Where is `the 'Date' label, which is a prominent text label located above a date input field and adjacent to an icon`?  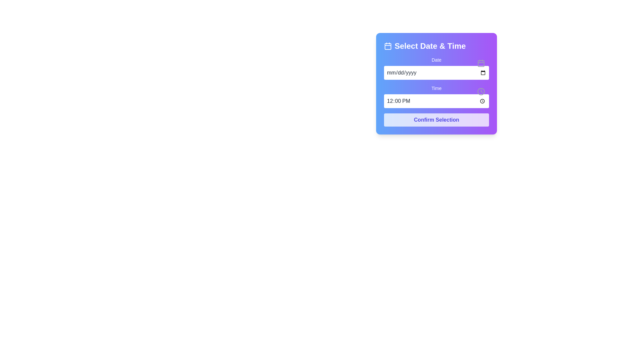 the 'Date' label, which is a prominent text label located above a date input field and adjacent to an icon is located at coordinates (436, 60).